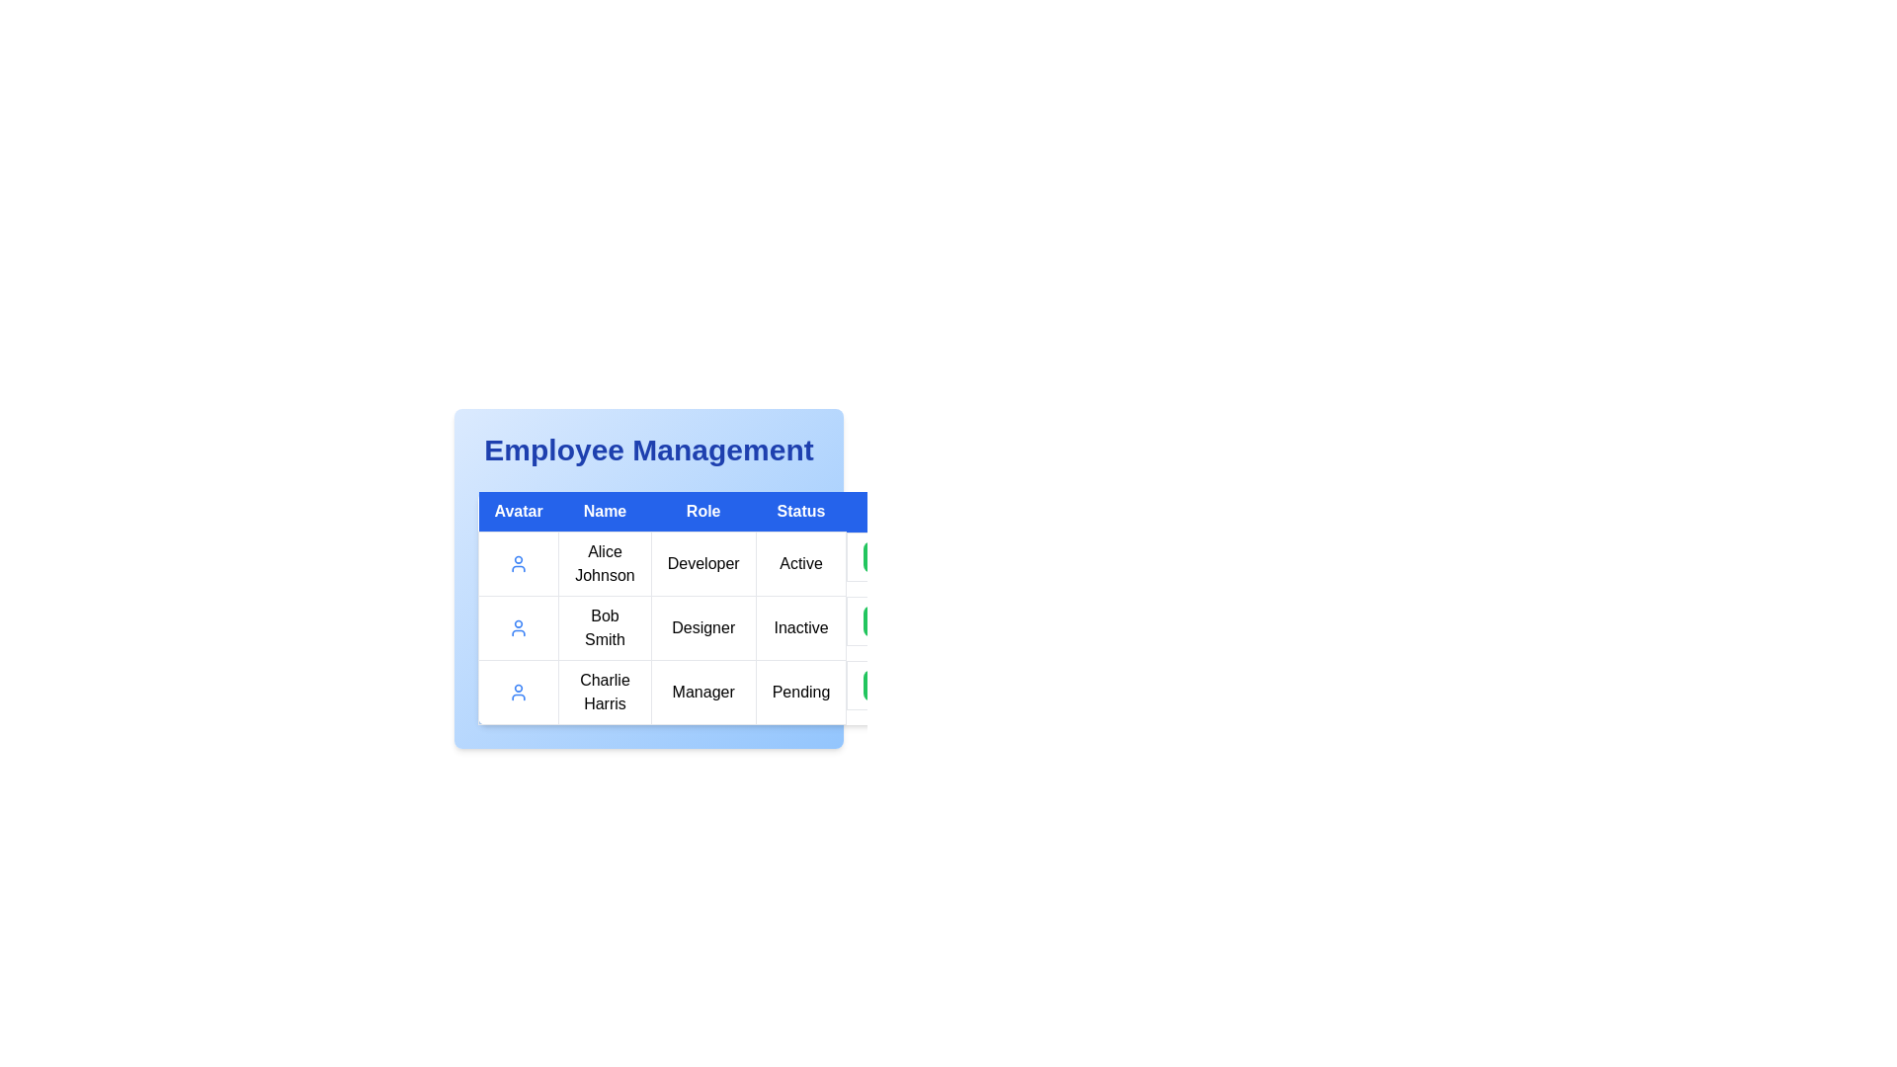  Describe the element at coordinates (703, 563) in the screenshot. I see `text label indicating the 'Role' of 'Alice Johnson', which states that she is a 'Developer'` at that location.